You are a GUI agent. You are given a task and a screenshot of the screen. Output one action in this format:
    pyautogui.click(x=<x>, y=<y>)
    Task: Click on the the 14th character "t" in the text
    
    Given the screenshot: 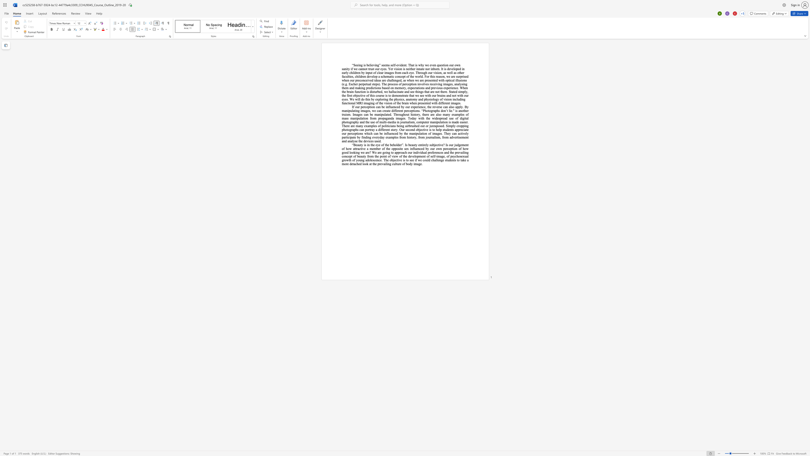 What is the action you would take?
    pyautogui.click(x=391, y=152)
    